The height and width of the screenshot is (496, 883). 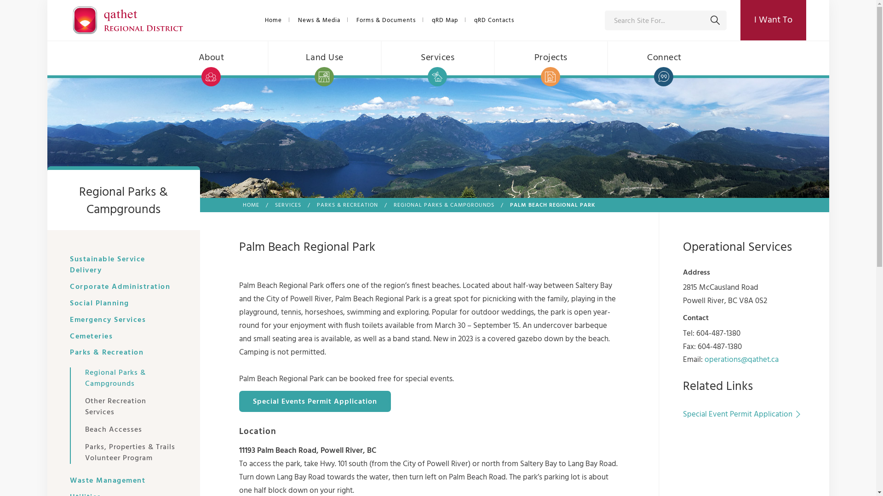 What do you see at coordinates (467, 20) in the screenshot?
I see `'qRD Contacts'` at bounding box center [467, 20].